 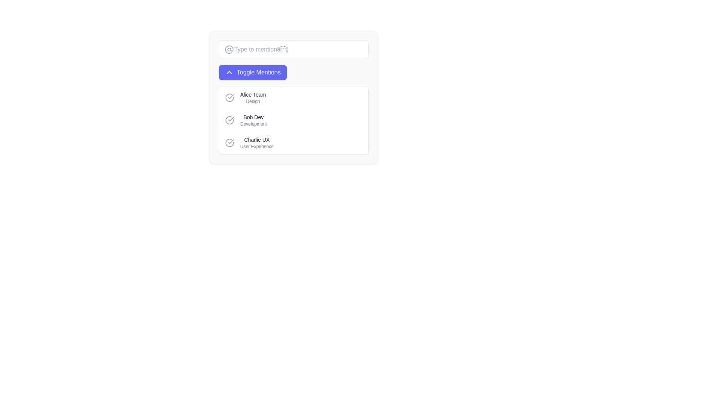 What do you see at coordinates (253, 101) in the screenshot?
I see `the text label displaying 'Design', which is a small light gray font located below 'Alice Team'` at bounding box center [253, 101].